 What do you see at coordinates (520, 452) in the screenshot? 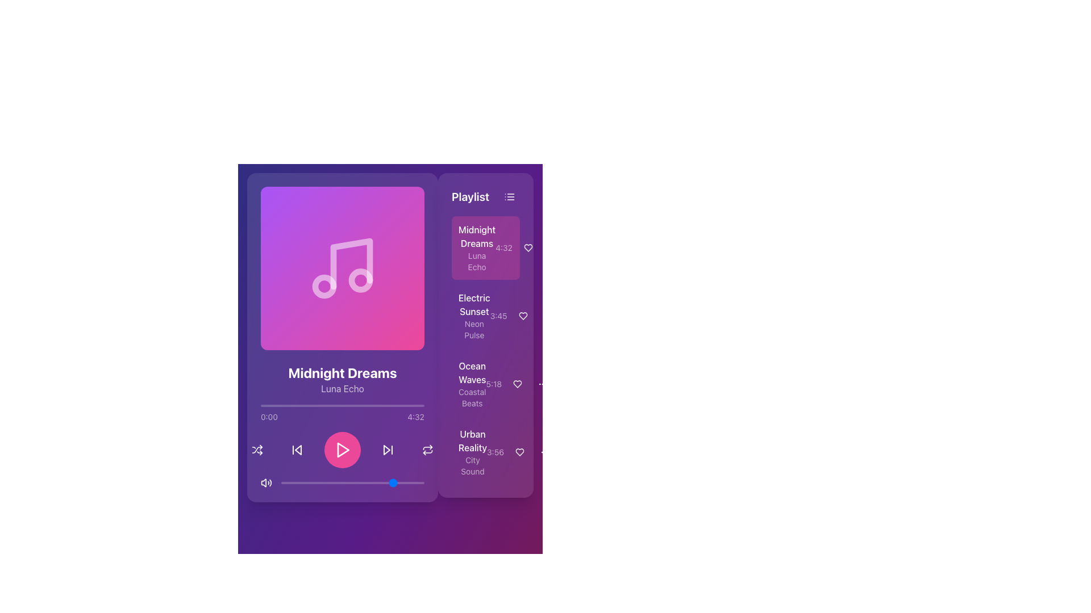
I see `the heart icon button that serves as a favorite or like button for the song 'Urban Reality'` at bounding box center [520, 452].